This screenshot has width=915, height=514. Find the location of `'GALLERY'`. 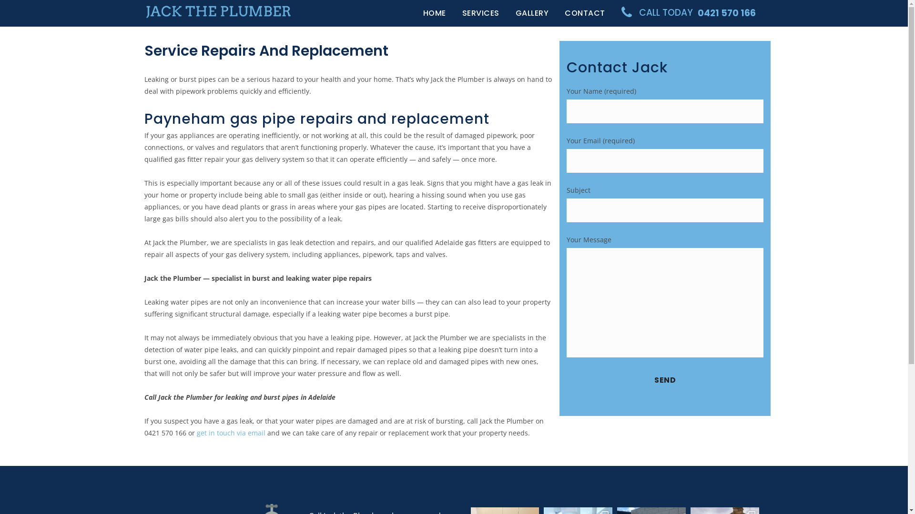

'GALLERY' is located at coordinates (531, 13).